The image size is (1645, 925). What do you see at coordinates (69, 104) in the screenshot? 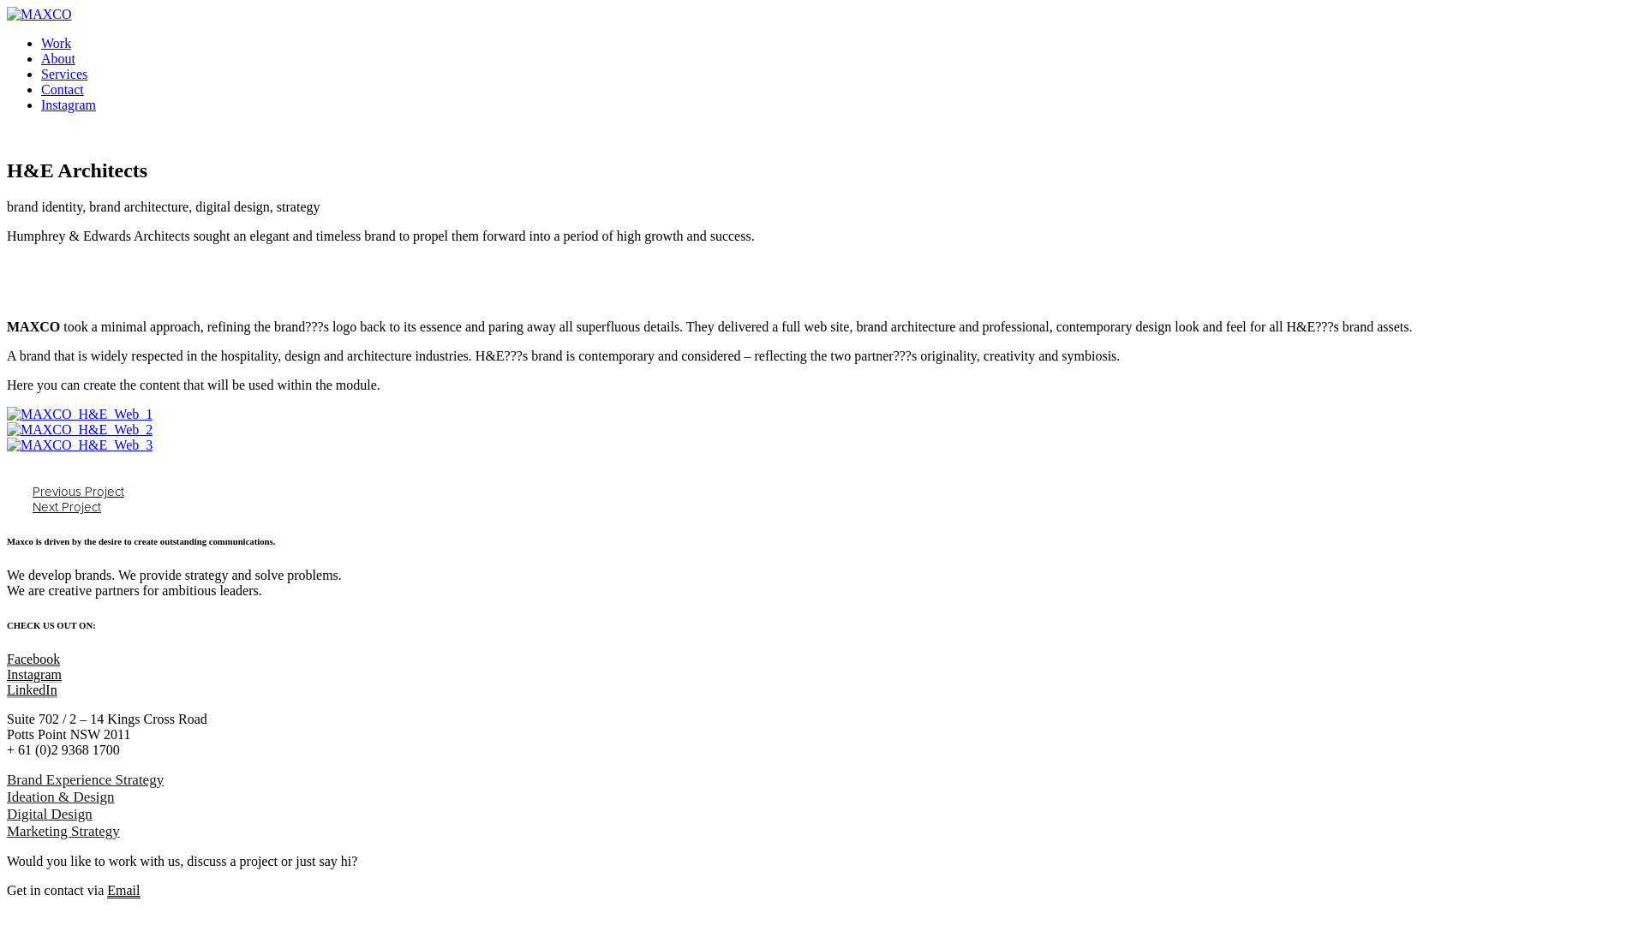
I see `'Instagram'` at bounding box center [69, 104].